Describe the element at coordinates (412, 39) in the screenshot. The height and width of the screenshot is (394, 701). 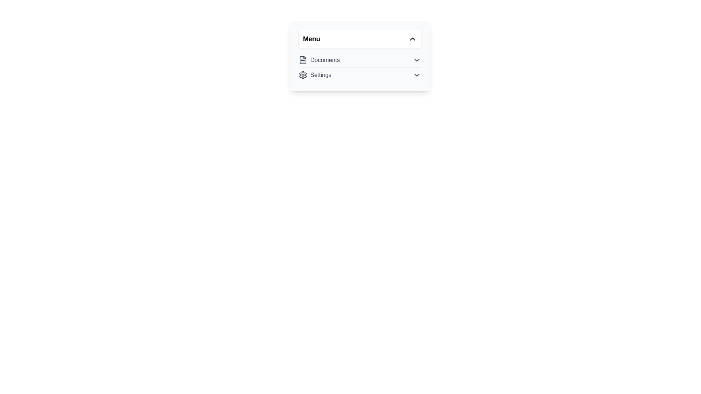
I see `the chevron icon next to the 'Menu' label` at that location.